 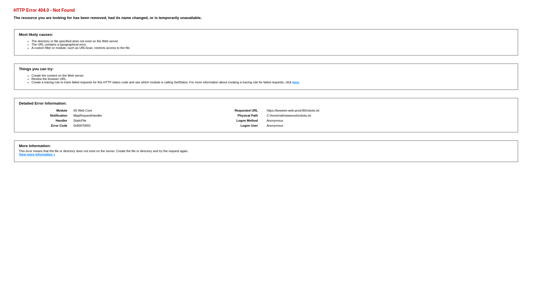 What do you see at coordinates (295, 82) in the screenshot?
I see `'here'` at bounding box center [295, 82].